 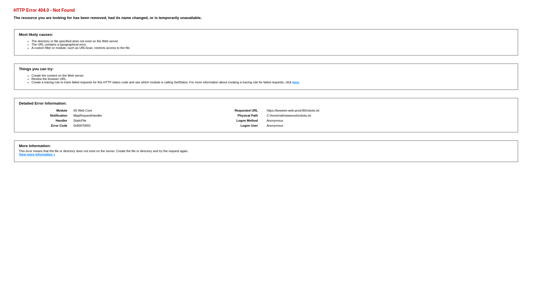 What do you see at coordinates (295, 82) in the screenshot?
I see `'here'` at bounding box center [295, 82].